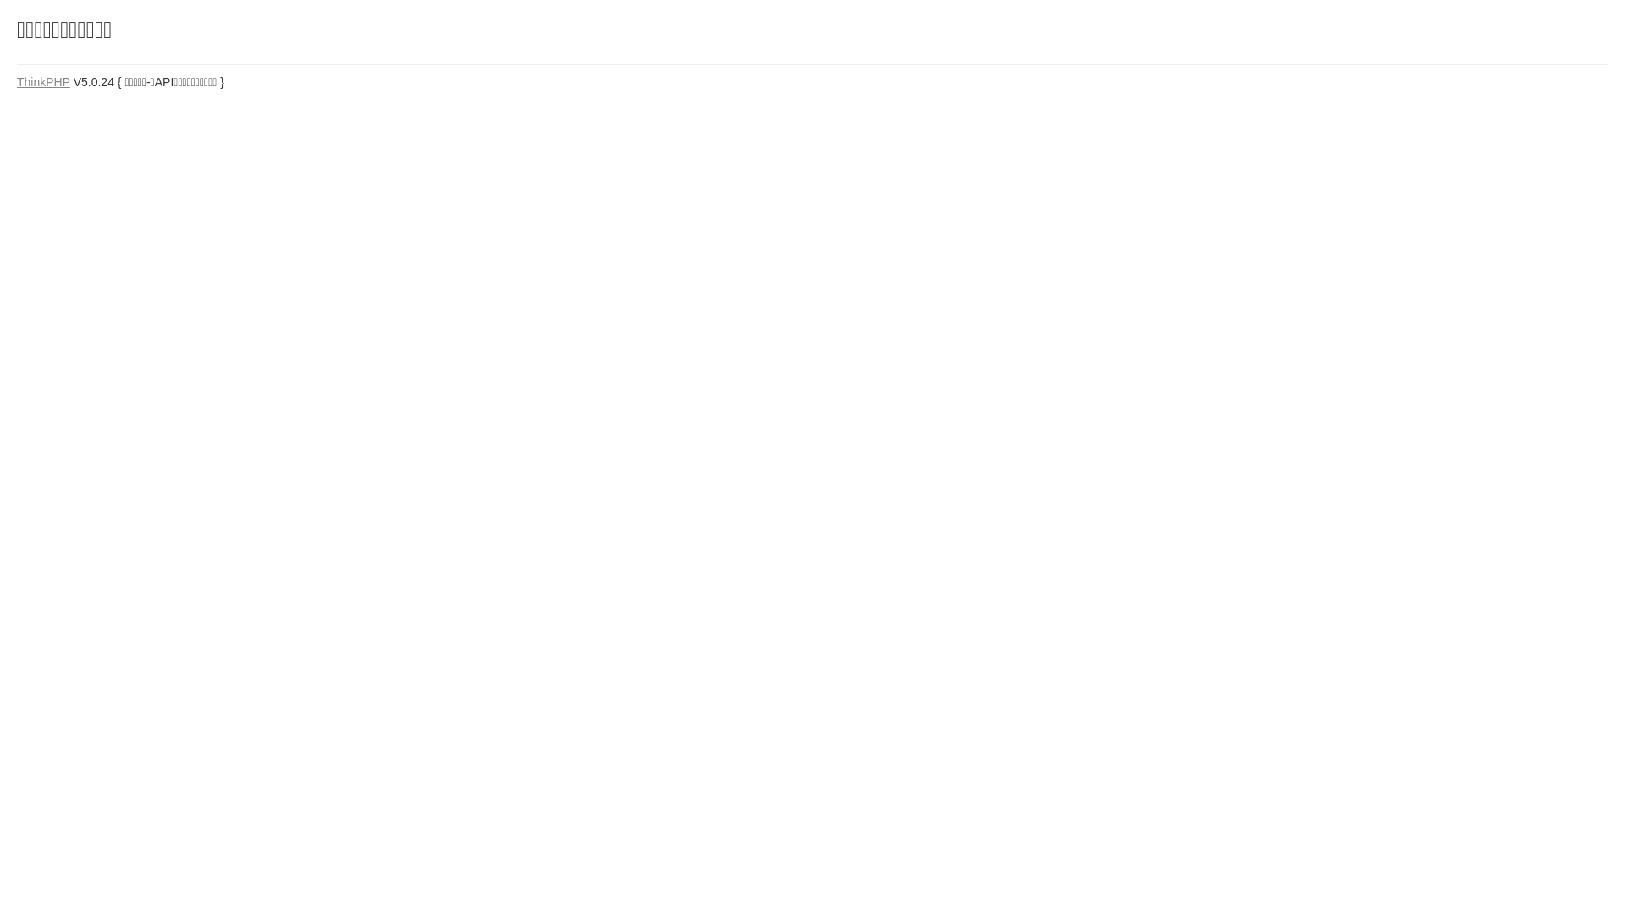 Image resolution: width=1625 pixels, height=914 pixels. Describe the element at coordinates (16, 81) in the screenshot. I see `'ThinkPHP'` at that location.